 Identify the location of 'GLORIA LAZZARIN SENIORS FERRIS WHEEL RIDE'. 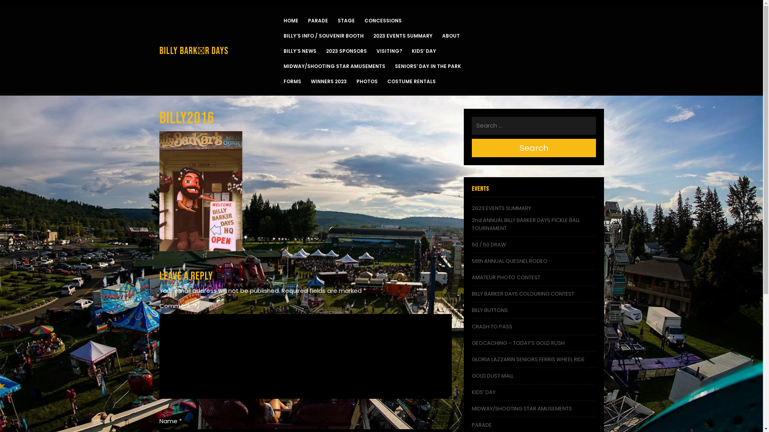
(528, 359).